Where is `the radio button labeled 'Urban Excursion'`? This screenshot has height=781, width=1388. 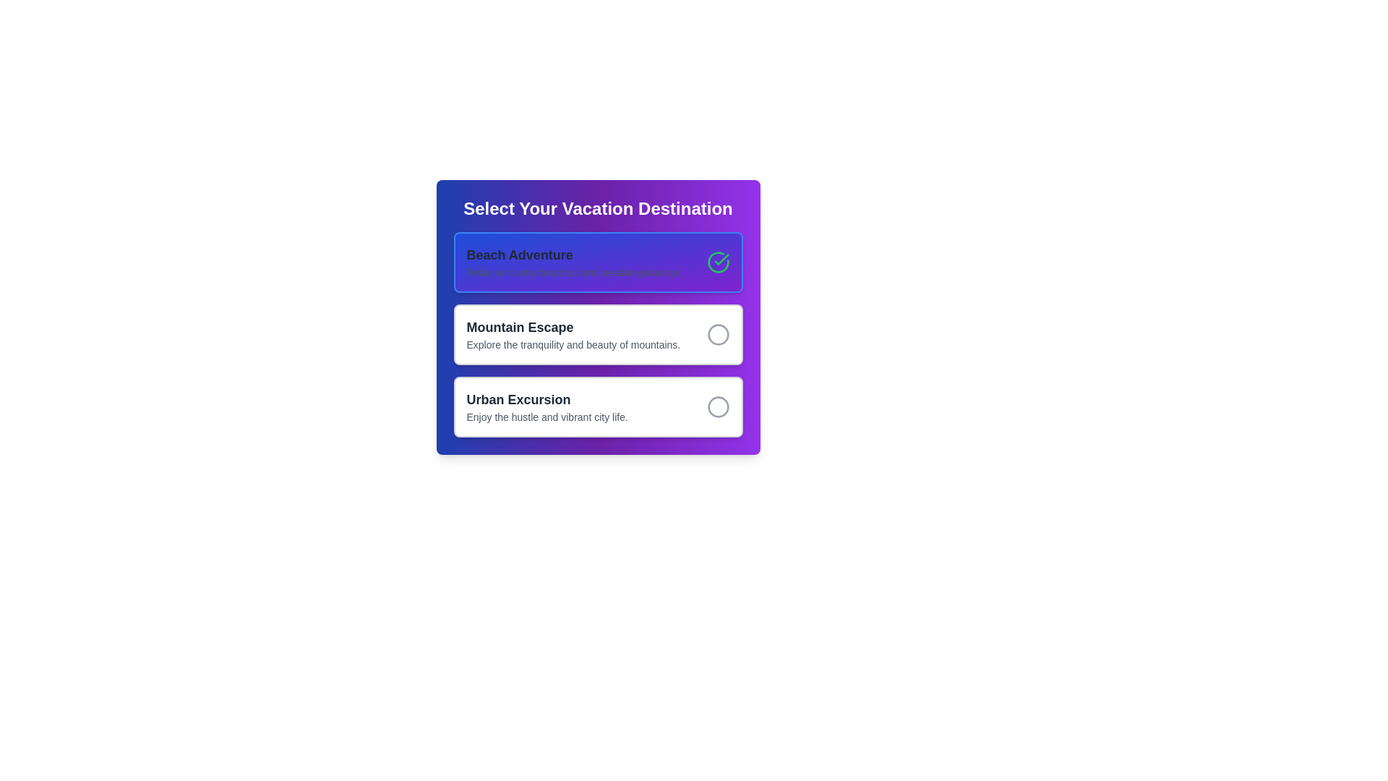 the radio button labeled 'Urban Excursion' is located at coordinates (598, 407).